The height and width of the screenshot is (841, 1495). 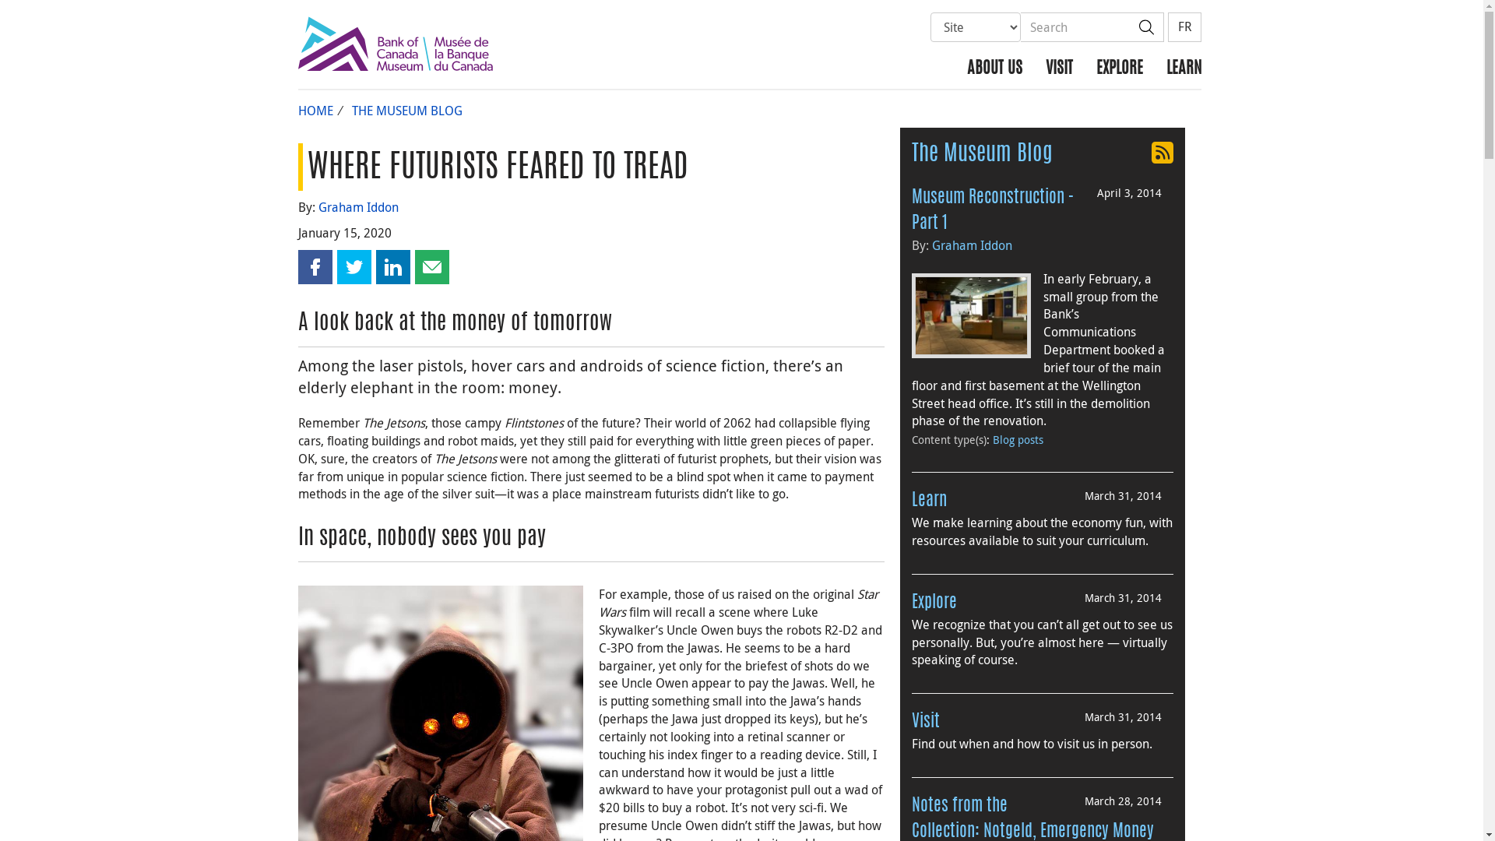 I want to click on 'Graham Iddon', so click(x=357, y=206).